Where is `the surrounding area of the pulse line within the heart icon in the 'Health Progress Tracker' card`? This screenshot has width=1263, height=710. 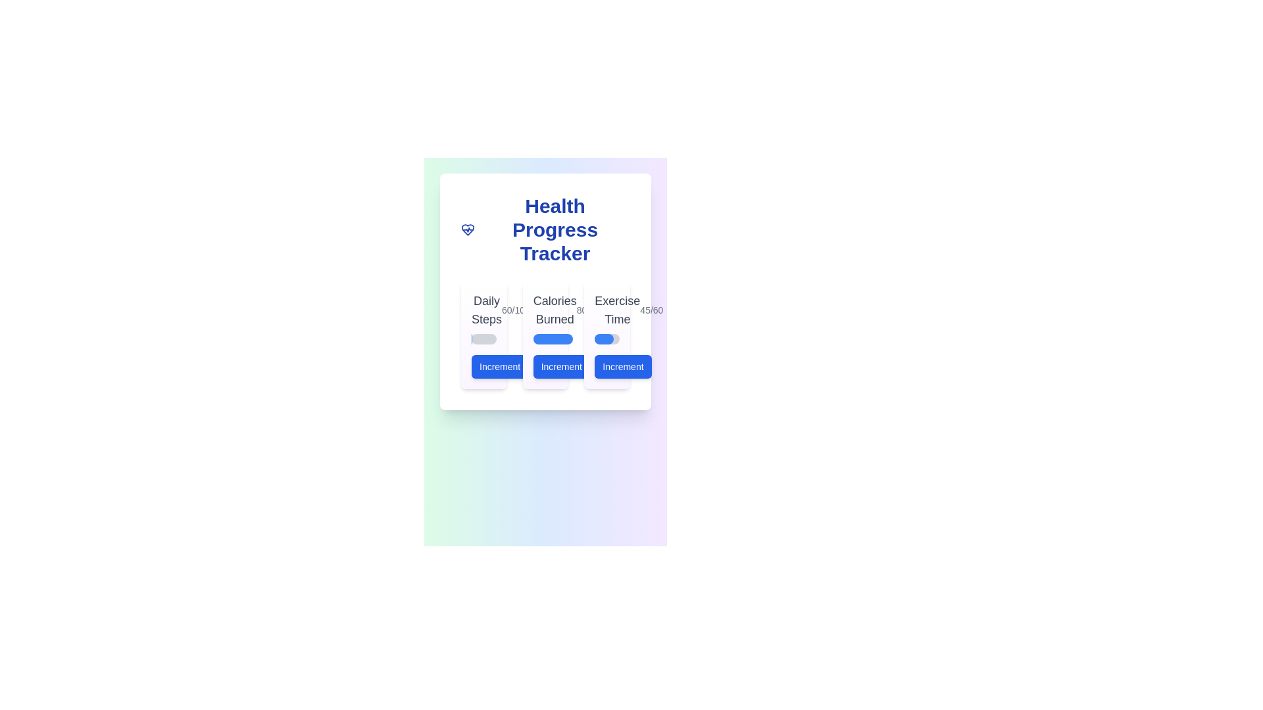
the surrounding area of the pulse line within the heart icon in the 'Health Progress Tracker' card is located at coordinates (468, 229).